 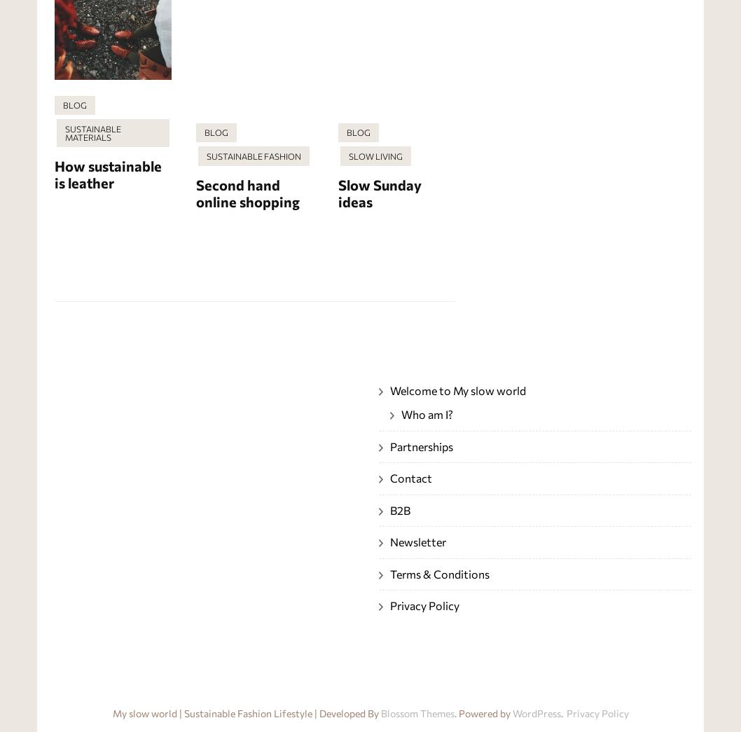 I want to click on 'Partnerships', so click(x=422, y=445).